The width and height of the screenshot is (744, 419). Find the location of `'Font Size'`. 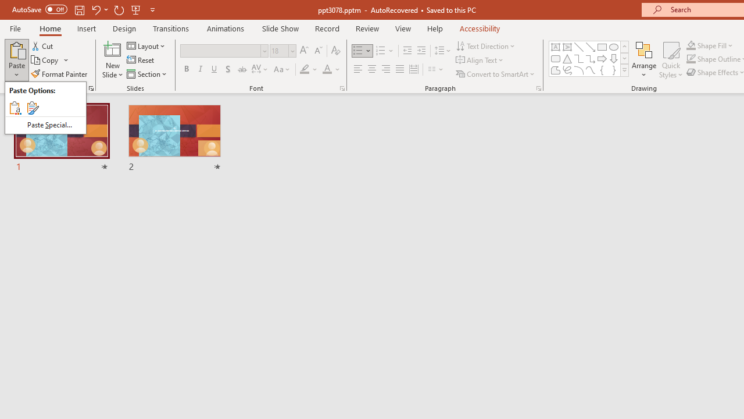

'Font Size' is located at coordinates (282, 50).